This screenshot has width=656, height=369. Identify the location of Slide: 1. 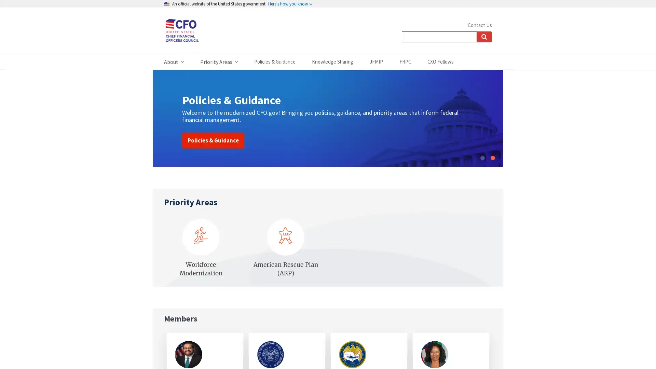
(482, 158).